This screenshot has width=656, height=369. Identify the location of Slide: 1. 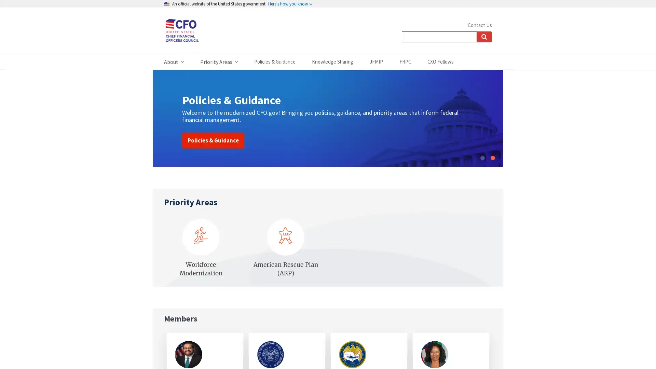
(482, 158).